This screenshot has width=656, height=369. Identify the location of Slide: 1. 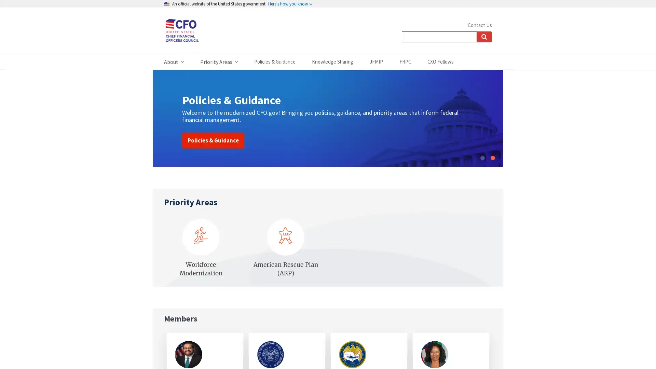
(482, 158).